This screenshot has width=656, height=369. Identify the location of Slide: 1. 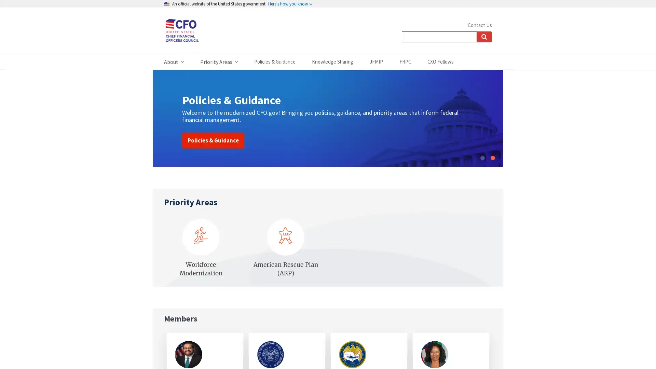
(482, 158).